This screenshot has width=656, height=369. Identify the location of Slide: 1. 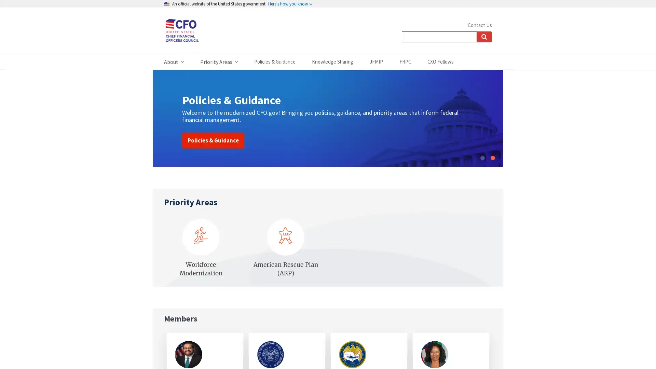
(482, 158).